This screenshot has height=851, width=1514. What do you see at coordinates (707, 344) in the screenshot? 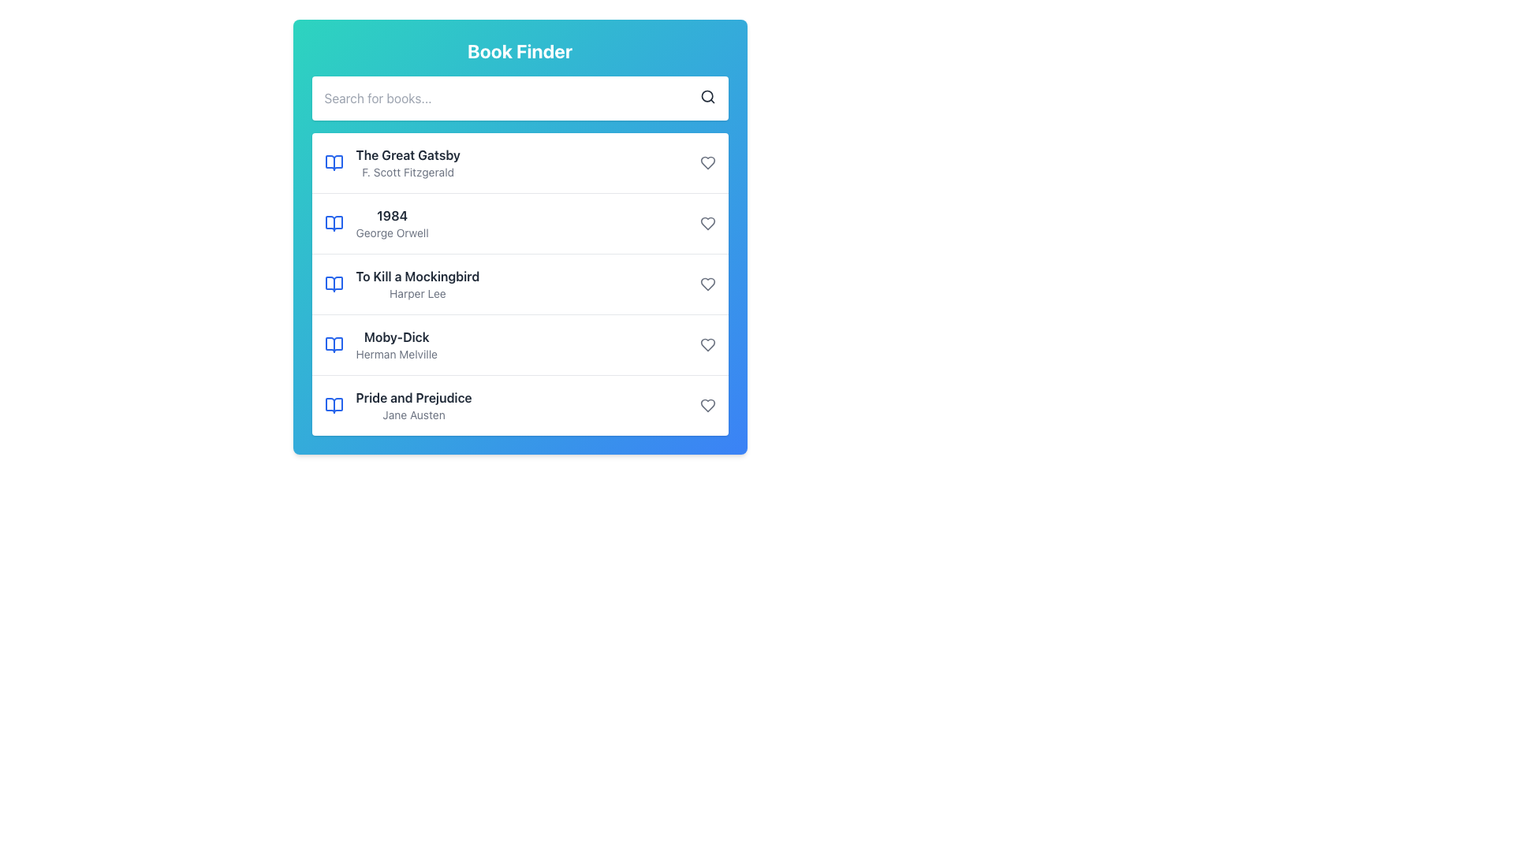
I see `the 'like' button for the book 'Moby-Dick' by 'Herman Melville' located on the far right side of the entry in the list` at bounding box center [707, 344].